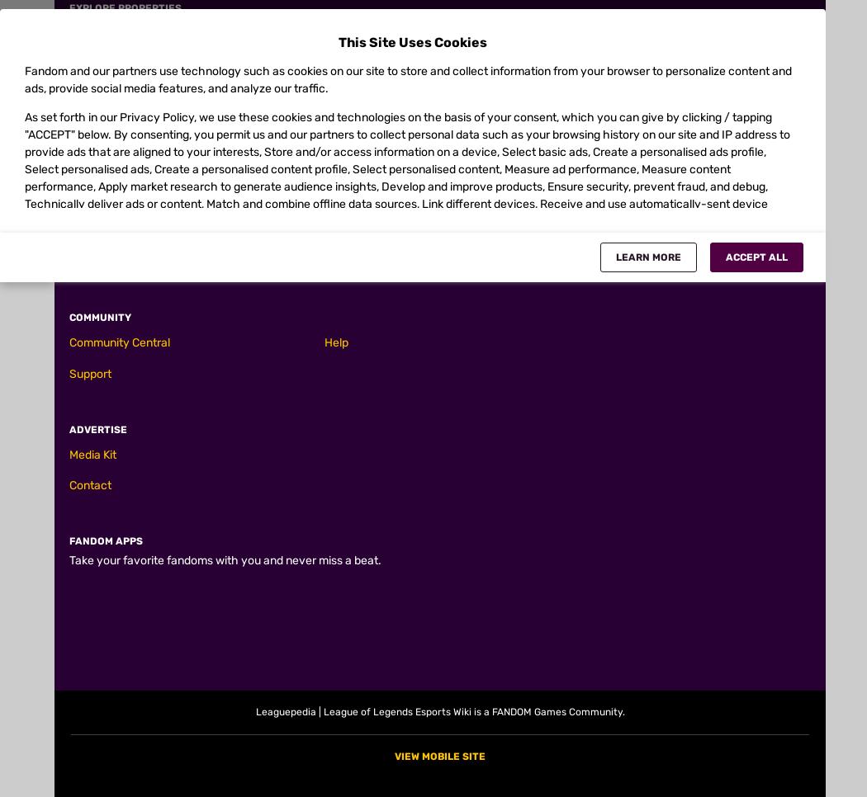 This screenshot has width=867, height=797. I want to click on '[0.4 ability power + 0.6 total attack damage]', so click(283, 552).